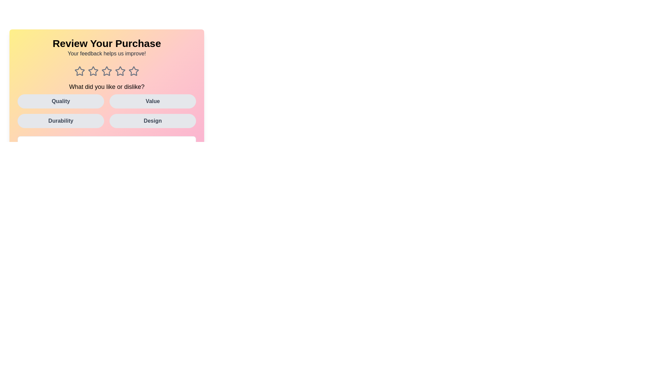 The height and width of the screenshot is (365, 649). What do you see at coordinates (152, 121) in the screenshot?
I see `the 'Design' button, which is a rounded rectangular button with a light gray background and bold text` at bounding box center [152, 121].